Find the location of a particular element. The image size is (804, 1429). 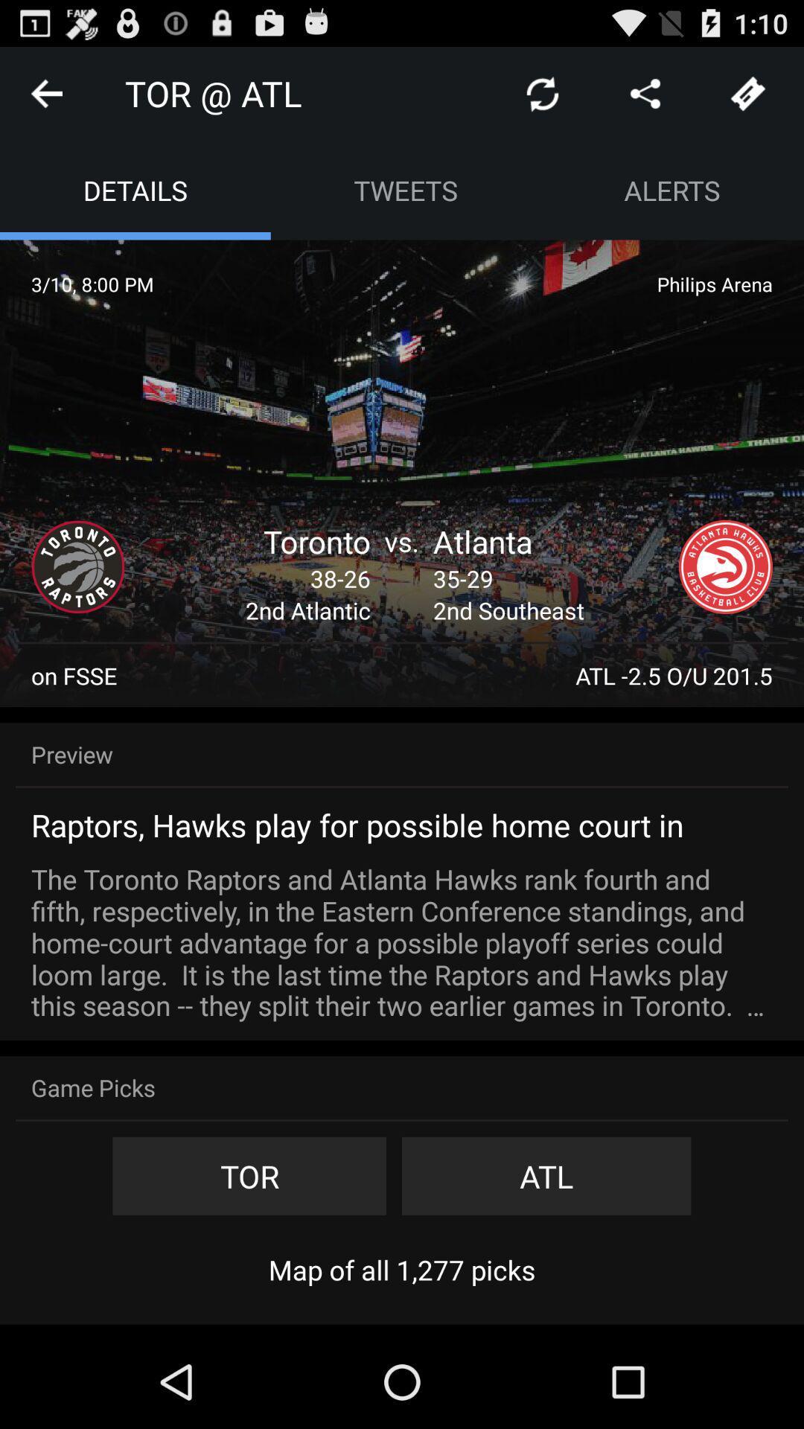

the icon above the alerts app is located at coordinates (645, 92).